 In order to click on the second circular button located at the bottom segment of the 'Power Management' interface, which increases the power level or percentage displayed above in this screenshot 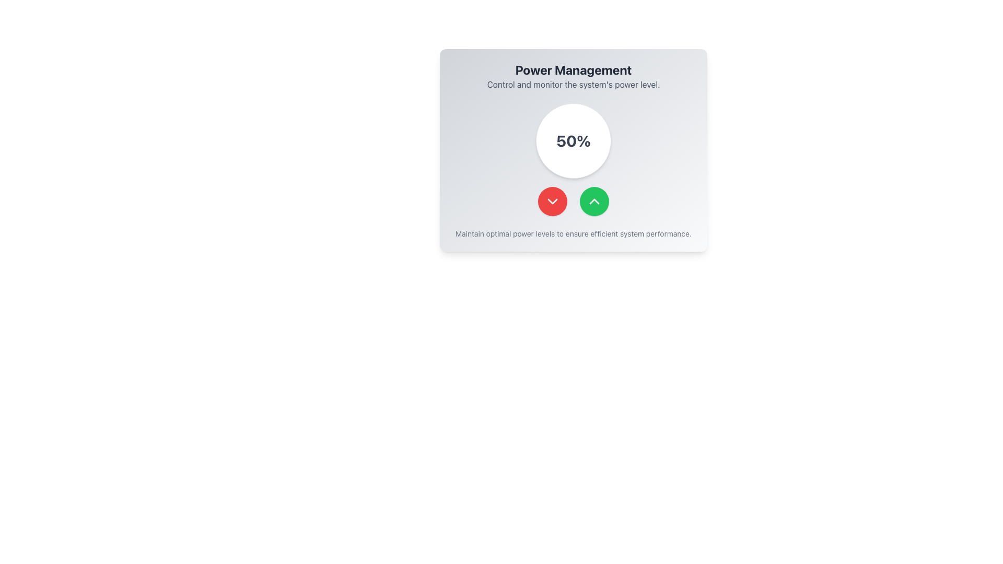, I will do `click(594, 201)`.